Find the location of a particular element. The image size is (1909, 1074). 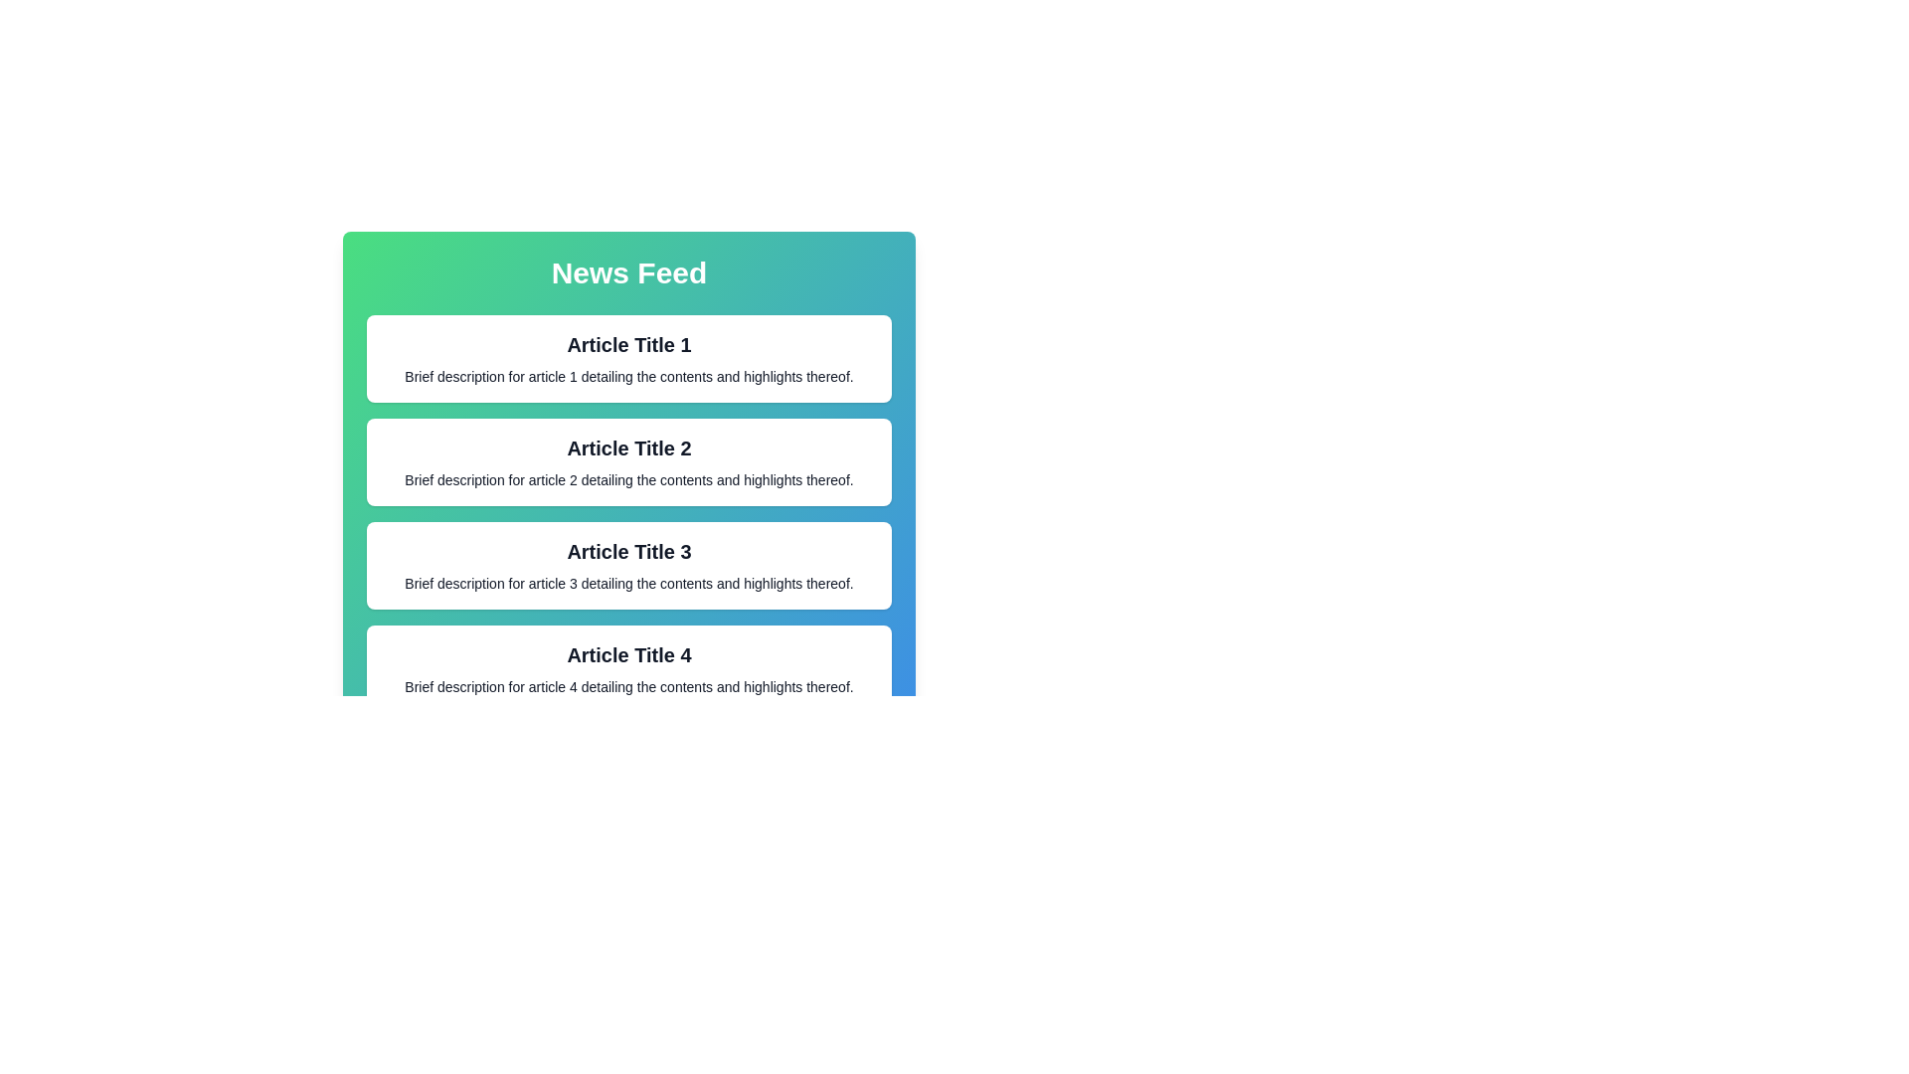

the article summary card, which is the third block in the vertical list of articles in the 'News Feed', positioned between 'Article Title 2' and 'Article Title 4' is located at coordinates (628, 566).